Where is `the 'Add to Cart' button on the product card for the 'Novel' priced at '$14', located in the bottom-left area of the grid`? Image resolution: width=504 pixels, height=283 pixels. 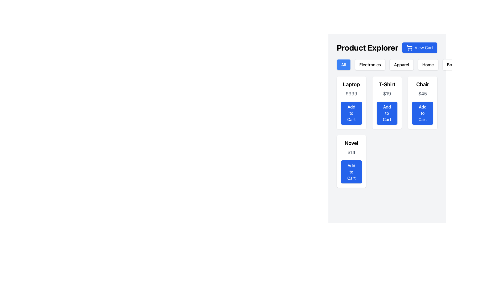
the 'Add to Cart' button on the product card for the 'Novel' priced at '$14', located in the bottom-left area of the grid is located at coordinates (351, 161).